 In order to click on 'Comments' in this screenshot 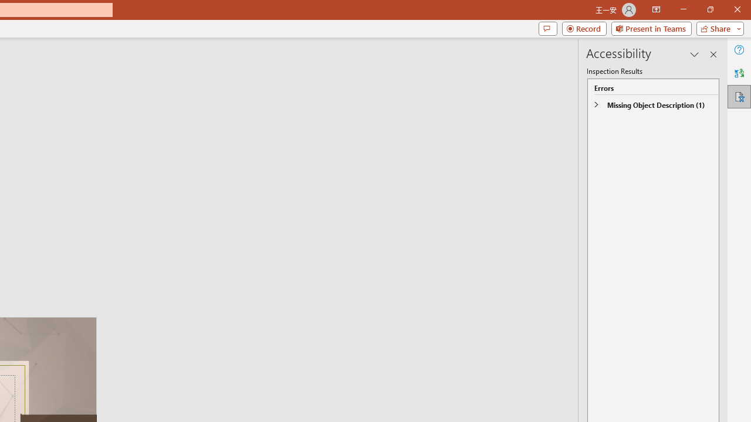, I will do `click(547, 28)`.